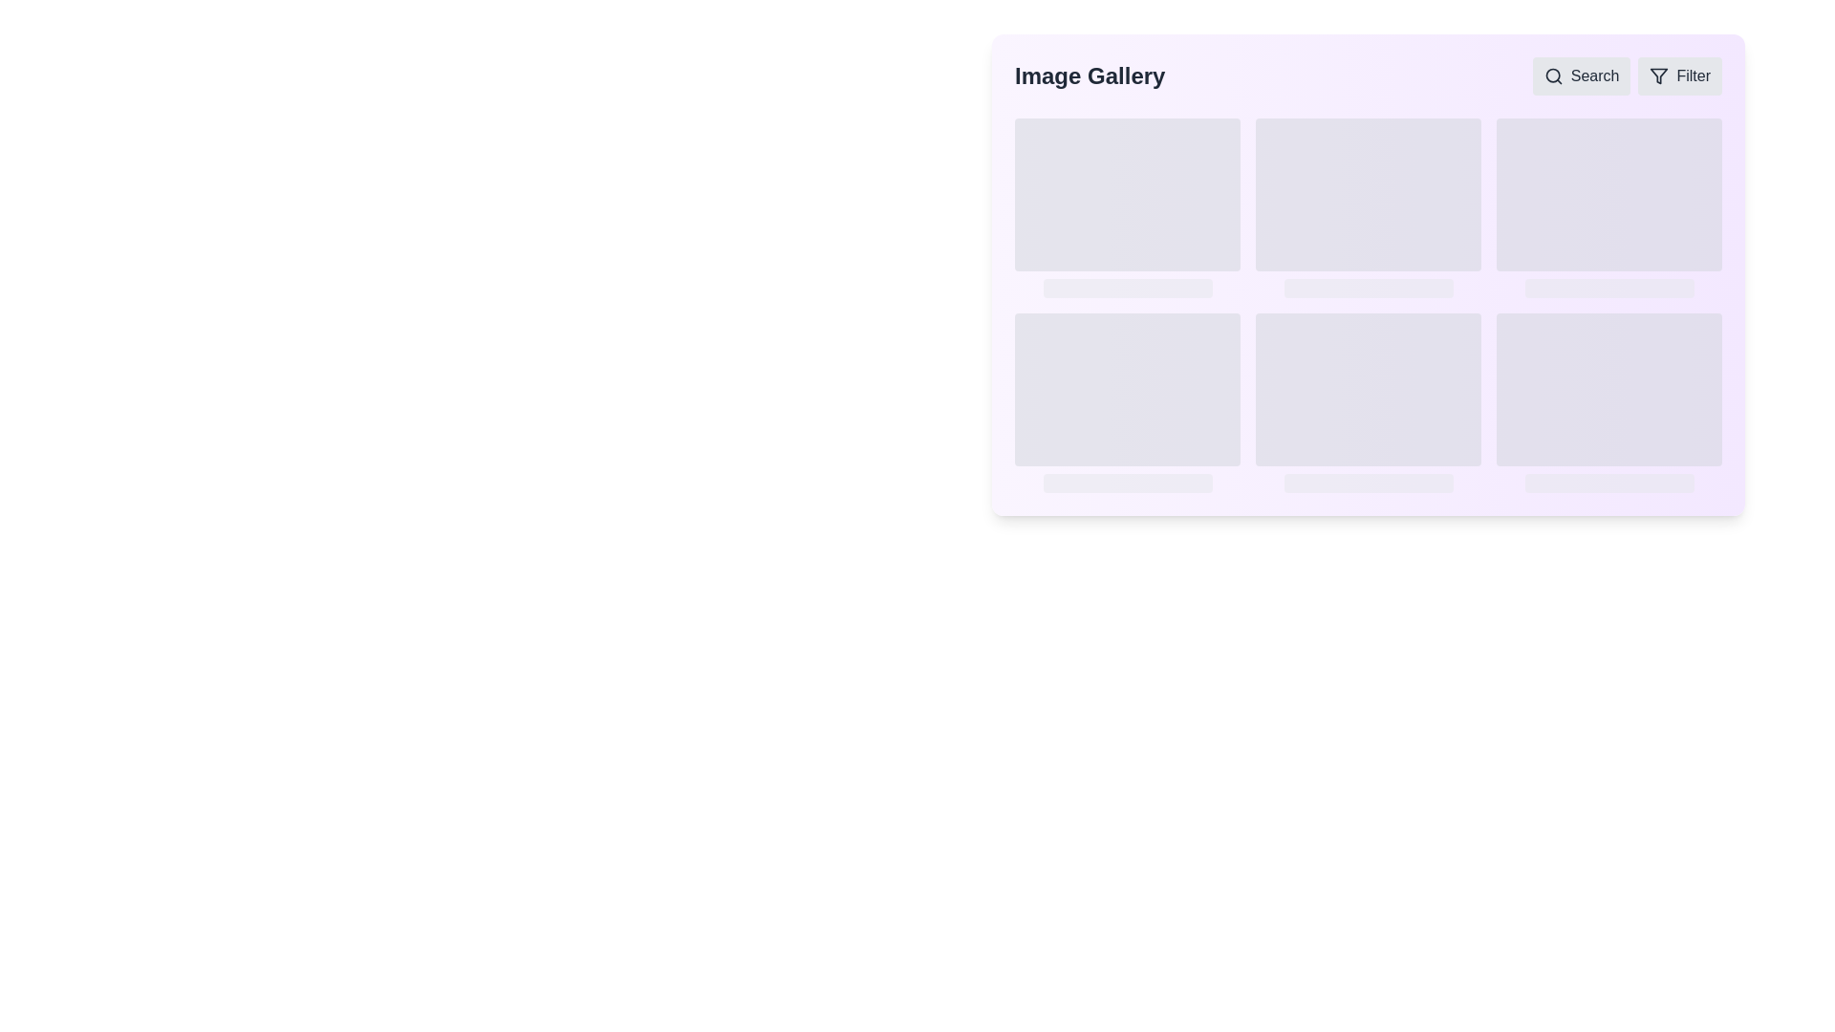 The width and height of the screenshot is (1835, 1032). Describe the element at coordinates (1128, 401) in the screenshot. I see `details of the placeholder content card located in the seventh slot of the grid layout, specifically in the third row, first column` at that location.